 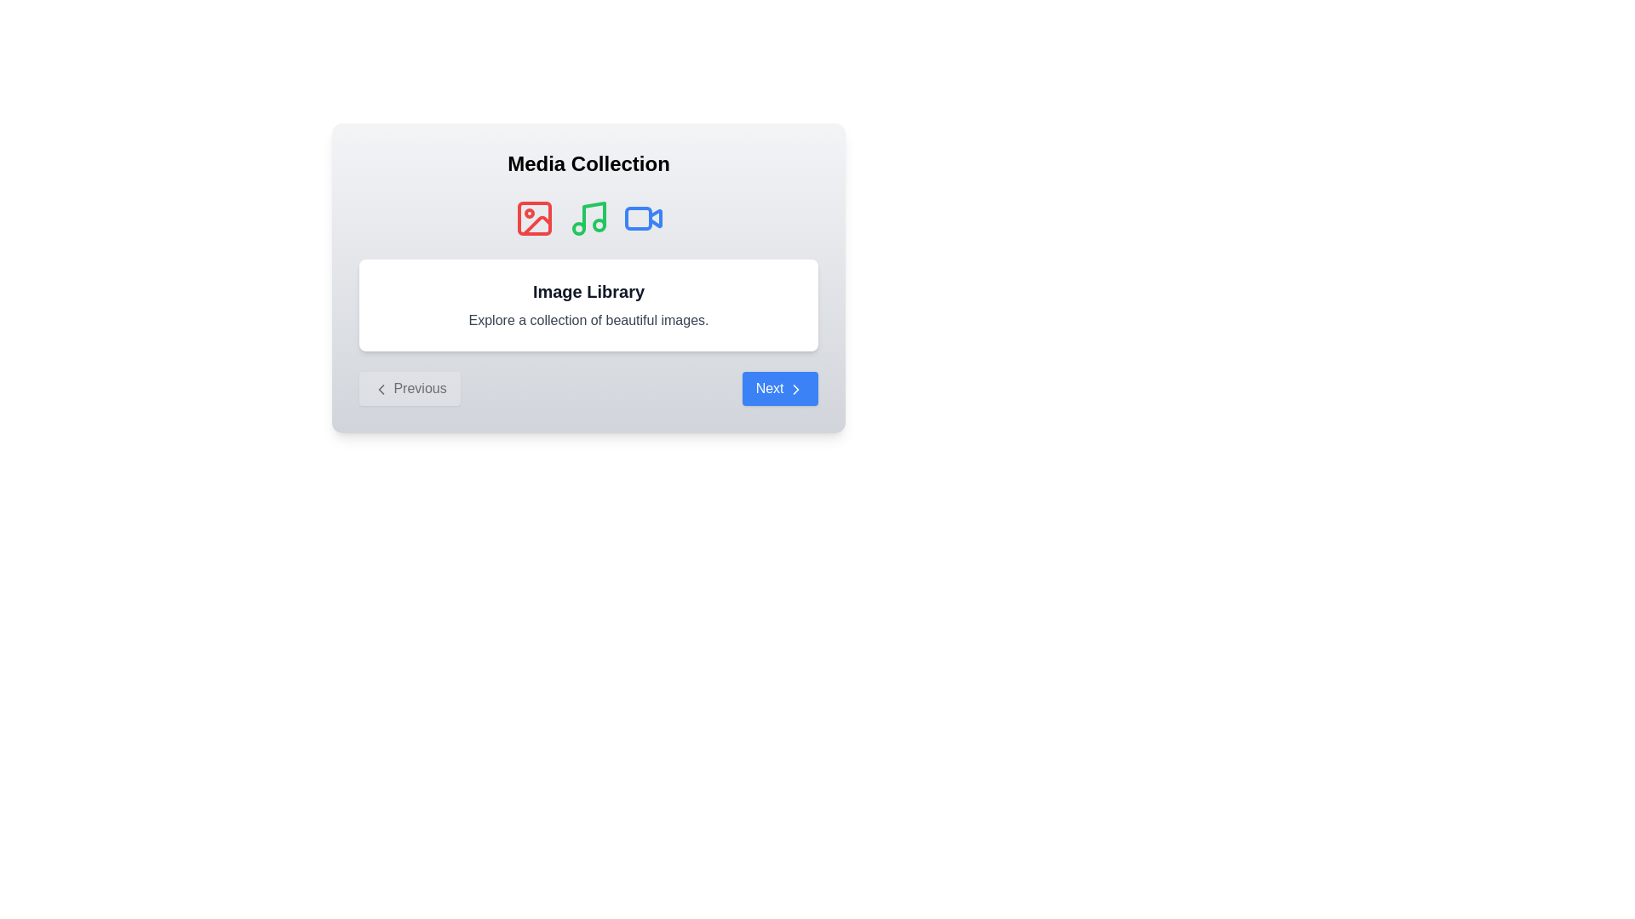 What do you see at coordinates (533, 218) in the screenshot?
I see `the button corresponding to the image media type to observe the hover effect` at bounding box center [533, 218].